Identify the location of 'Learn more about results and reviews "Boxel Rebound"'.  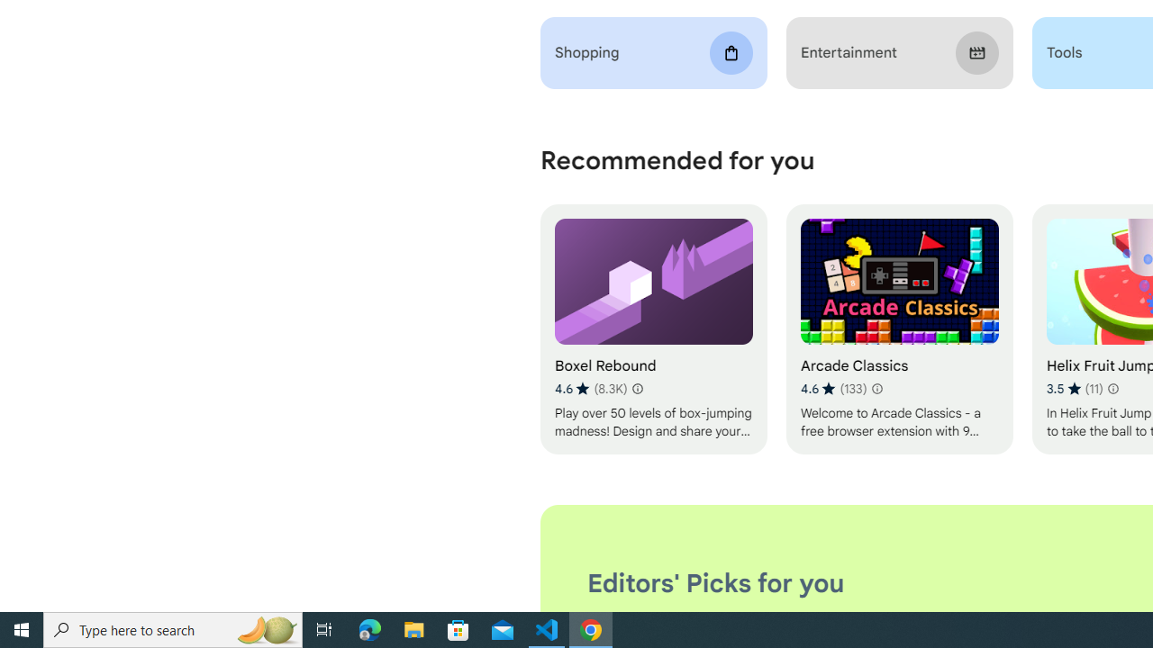
(637, 388).